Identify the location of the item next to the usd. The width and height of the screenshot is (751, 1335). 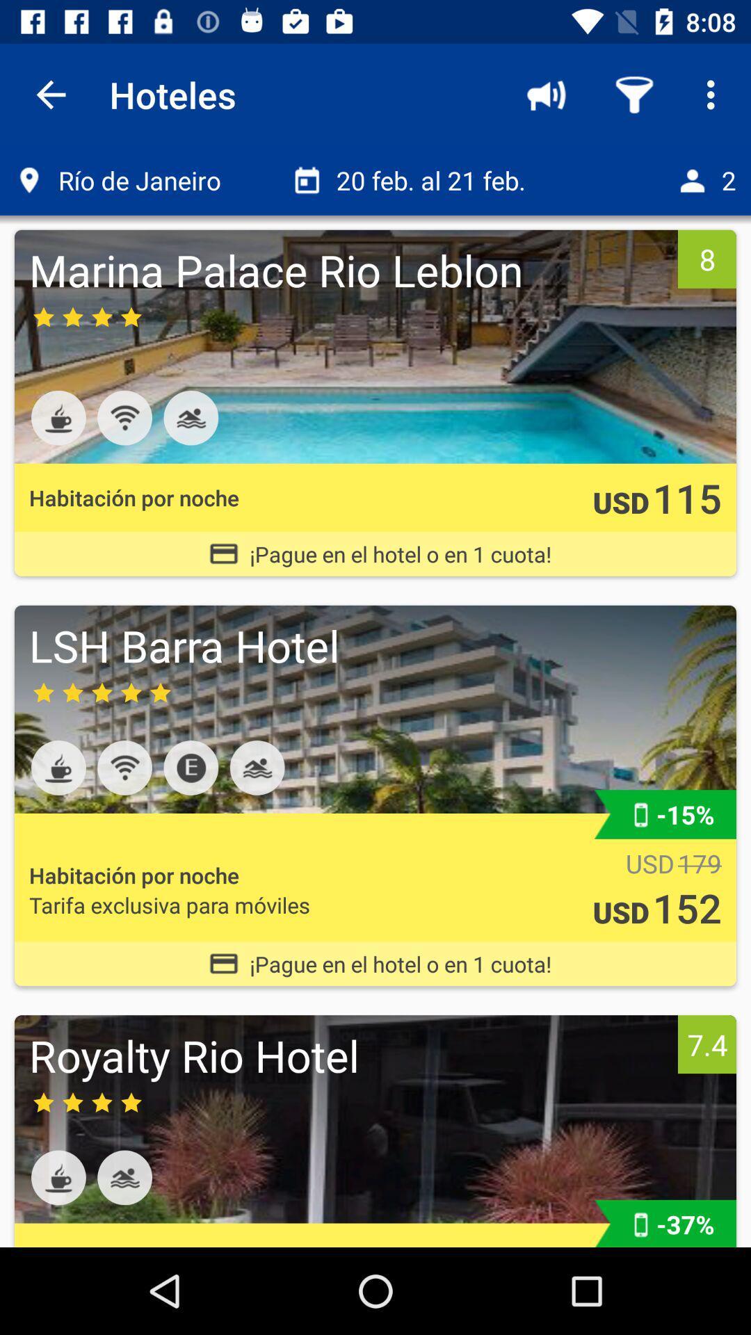
(686, 497).